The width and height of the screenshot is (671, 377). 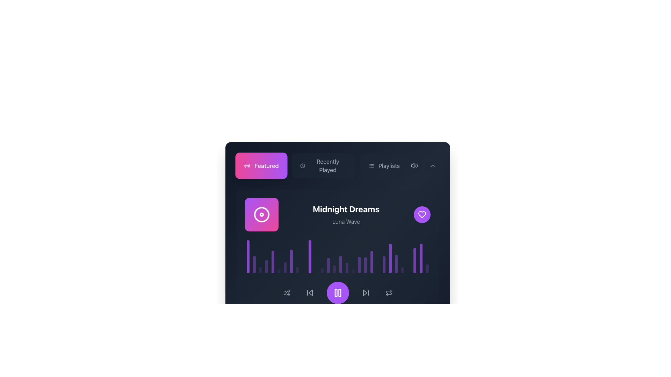 What do you see at coordinates (285, 267) in the screenshot?
I see `the 7th Indicator bar, a small vertical bar with a rounded top and bottom, colored light purple and pulsating, located beneath the song title 'Midnight Dreams'` at bounding box center [285, 267].